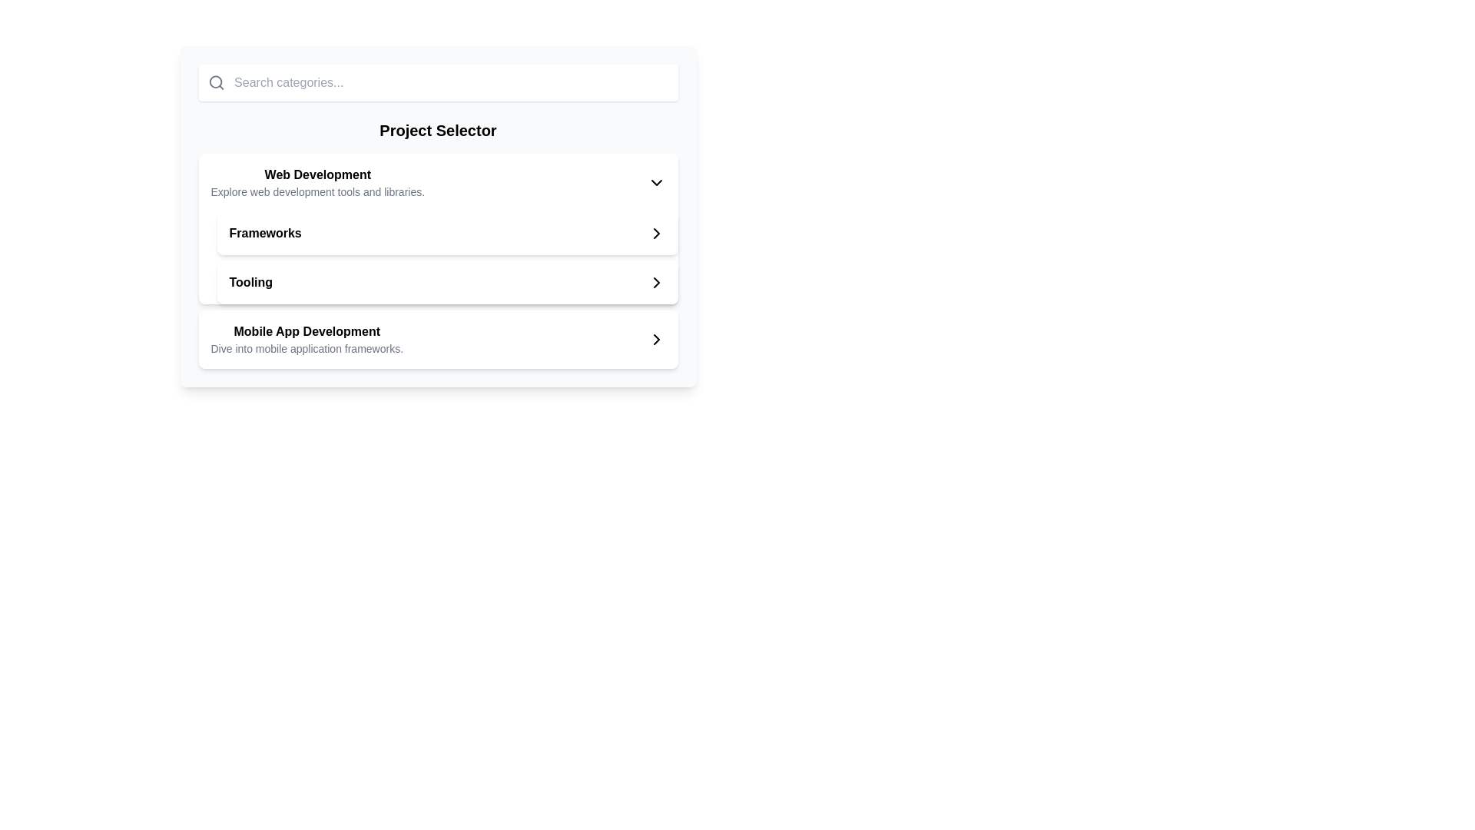 The image size is (1475, 830). Describe the element at coordinates (656, 234) in the screenshot. I see `the rightward-pointing chevron icon, which is located at the right end of the 'Frameworks' section in the 'Project Selector' menu` at that location.